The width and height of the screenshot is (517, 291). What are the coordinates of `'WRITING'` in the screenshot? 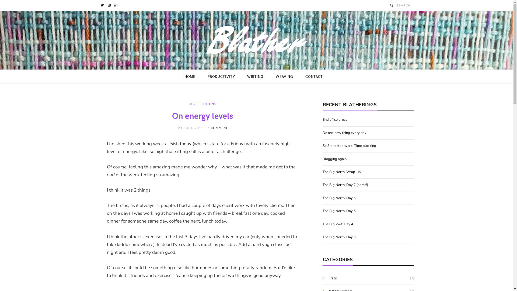 It's located at (255, 77).